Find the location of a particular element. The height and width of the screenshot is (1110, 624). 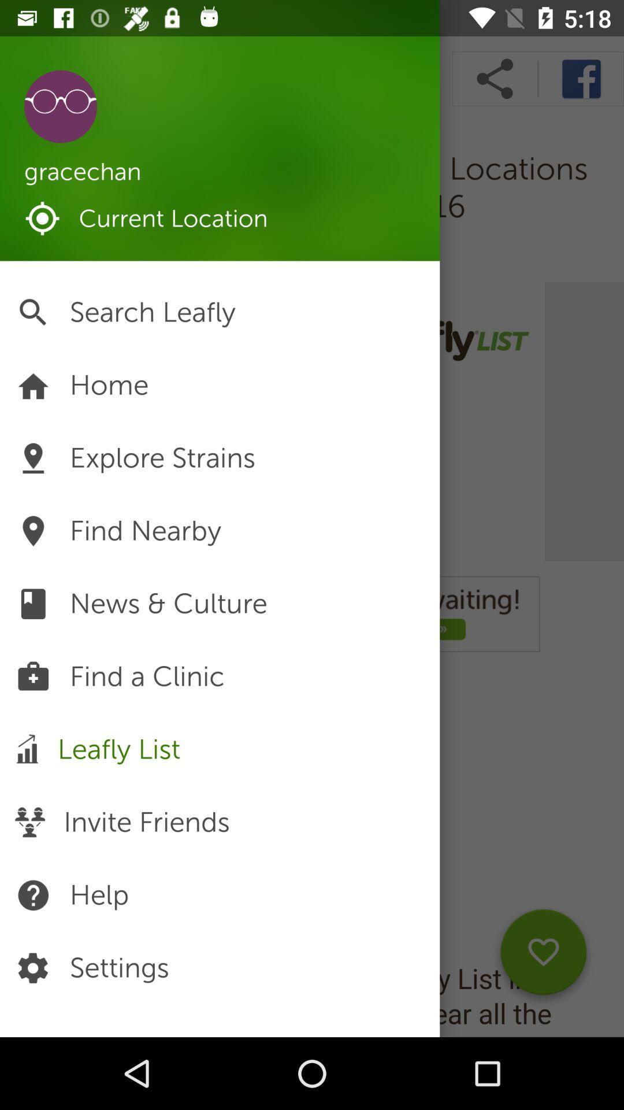

the favorite icon is located at coordinates (543, 956).